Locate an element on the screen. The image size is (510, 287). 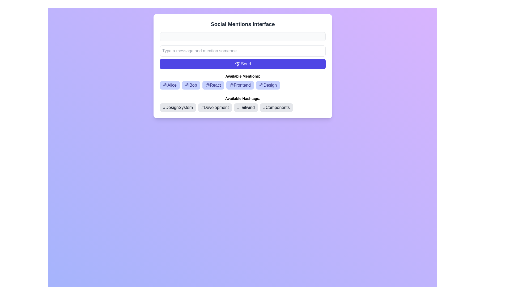
the interactive section containing grouped tags under the headings 'Available Mentions' and 'Available Hashtags' is located at coordinates (242, 92).